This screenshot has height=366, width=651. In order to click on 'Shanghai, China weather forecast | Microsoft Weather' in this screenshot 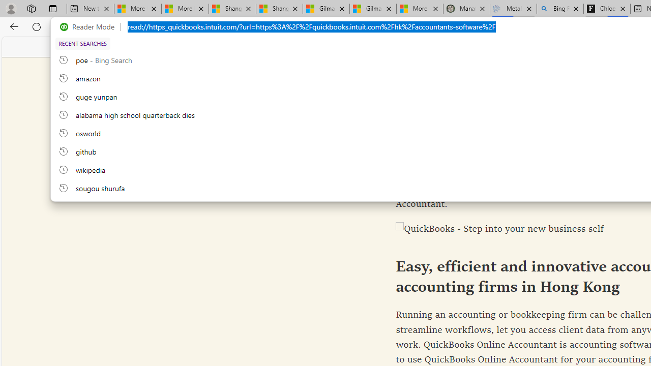, I will do `click(279, 9)`.